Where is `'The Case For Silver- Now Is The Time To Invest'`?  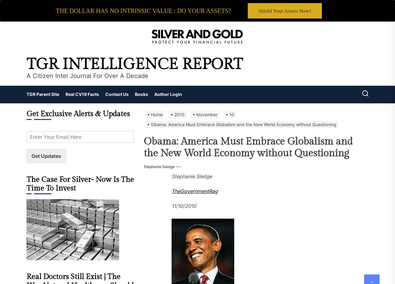
'The Case For Silver- Now Is The Time To Invest' is located at coordinates (80, 183).